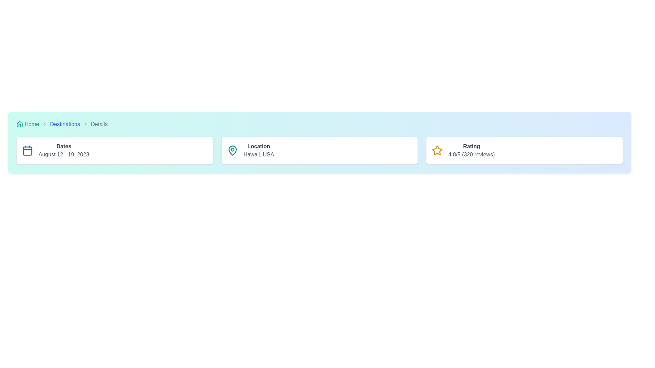 The width and height of the screenshot is (655, 368). What do you see at coordinates (27, 150) in the screenshot?
I see `the calendar icon located at the upper-left corner of the 'Dates' card to interact with date-related content, if enabled` at bounding box center [27, 150].